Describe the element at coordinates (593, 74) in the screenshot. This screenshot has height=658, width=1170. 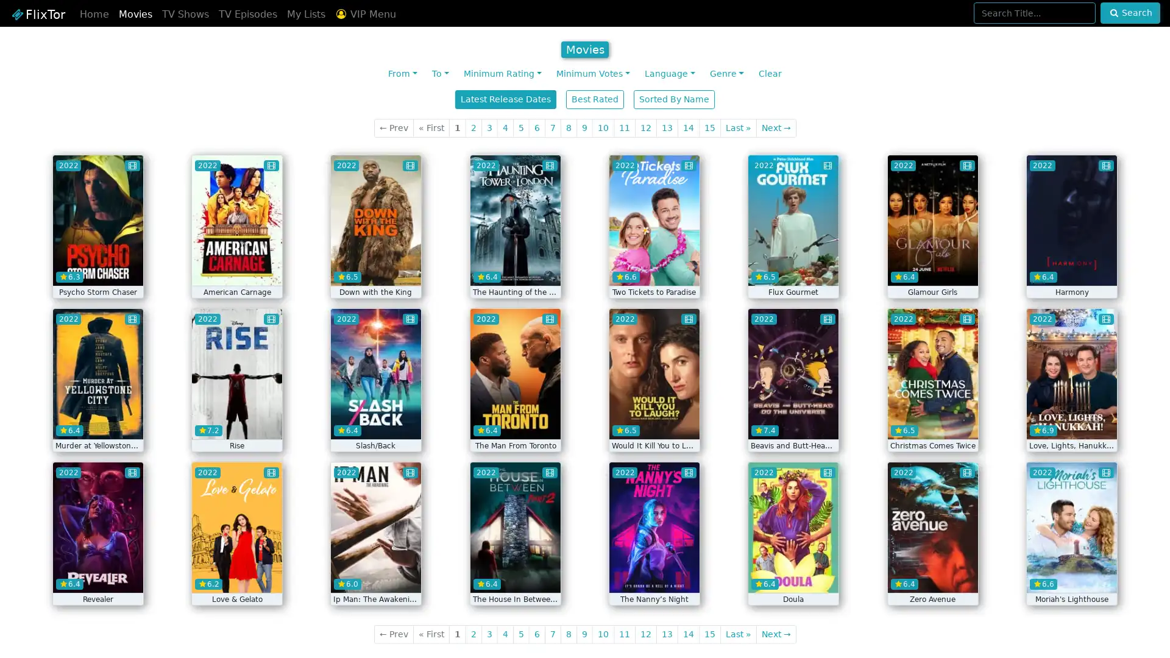
I see `Minimum Votes` at that location.